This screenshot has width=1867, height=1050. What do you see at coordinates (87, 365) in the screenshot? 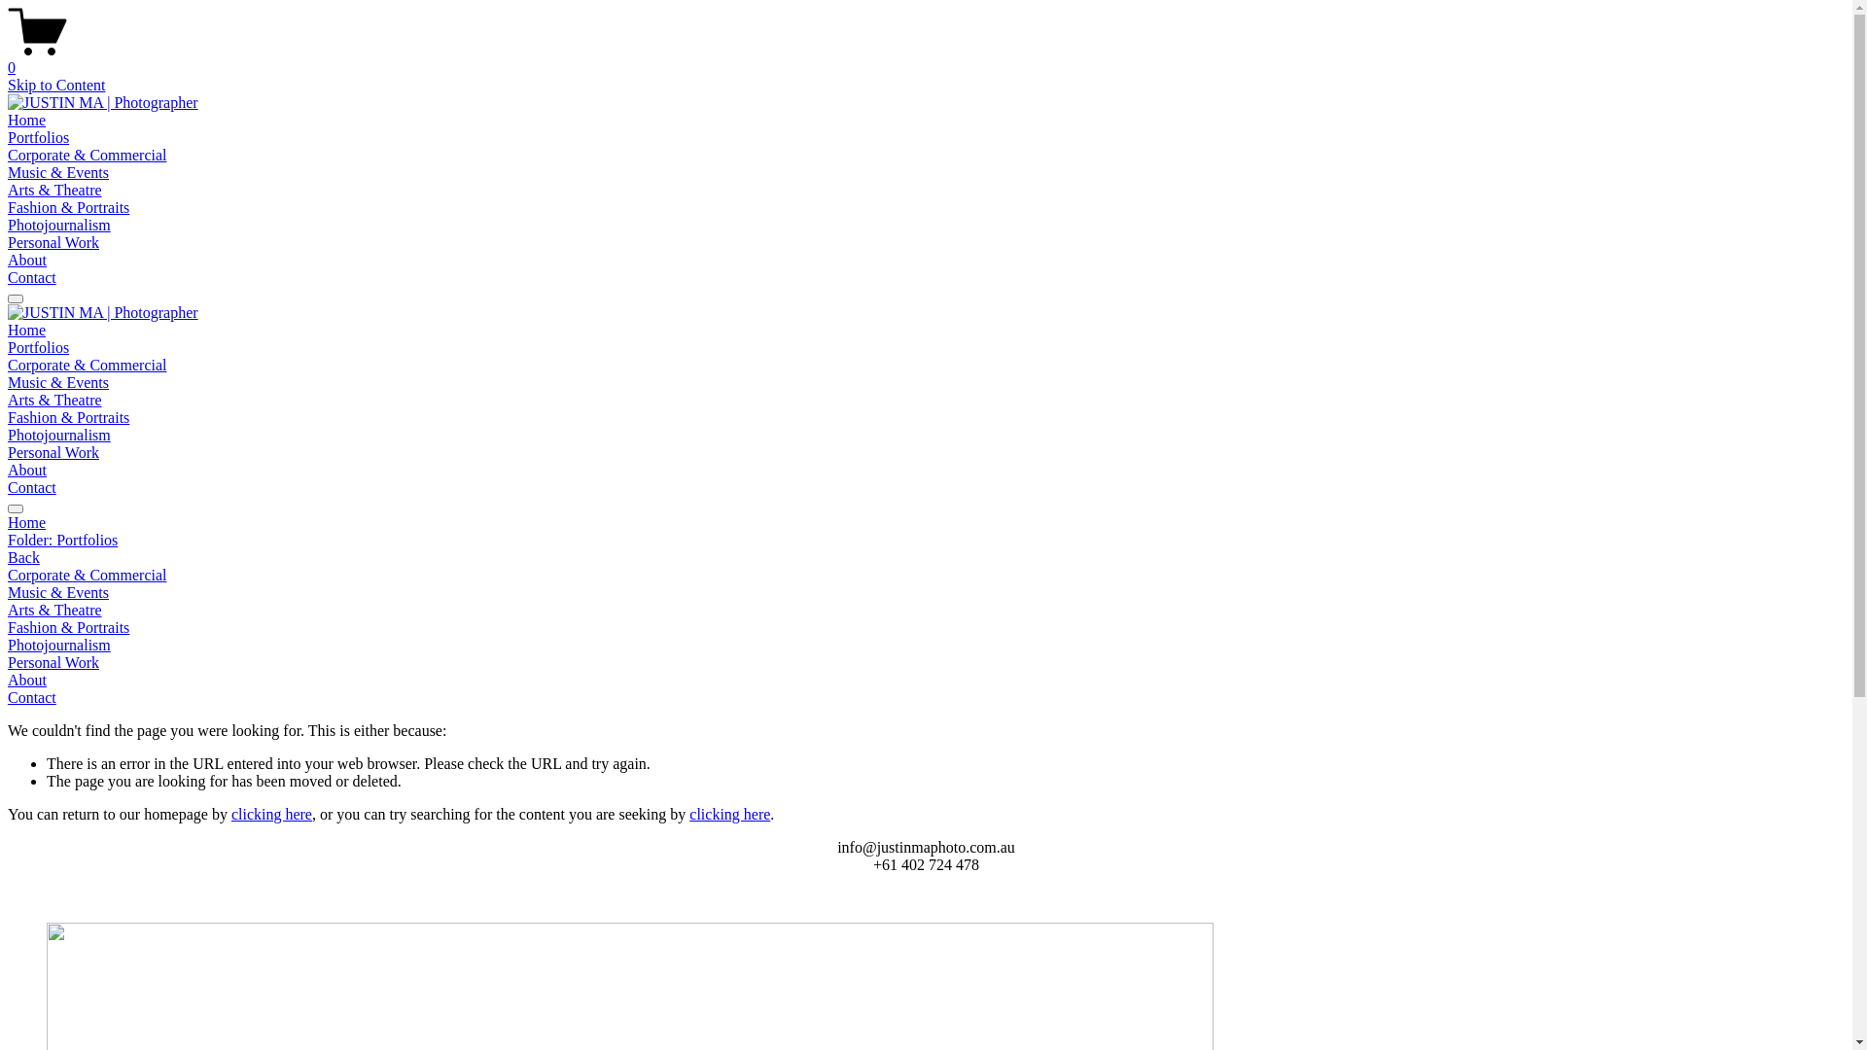
I see `'Corporate & Commercial'` at bounding box center [87, 365].